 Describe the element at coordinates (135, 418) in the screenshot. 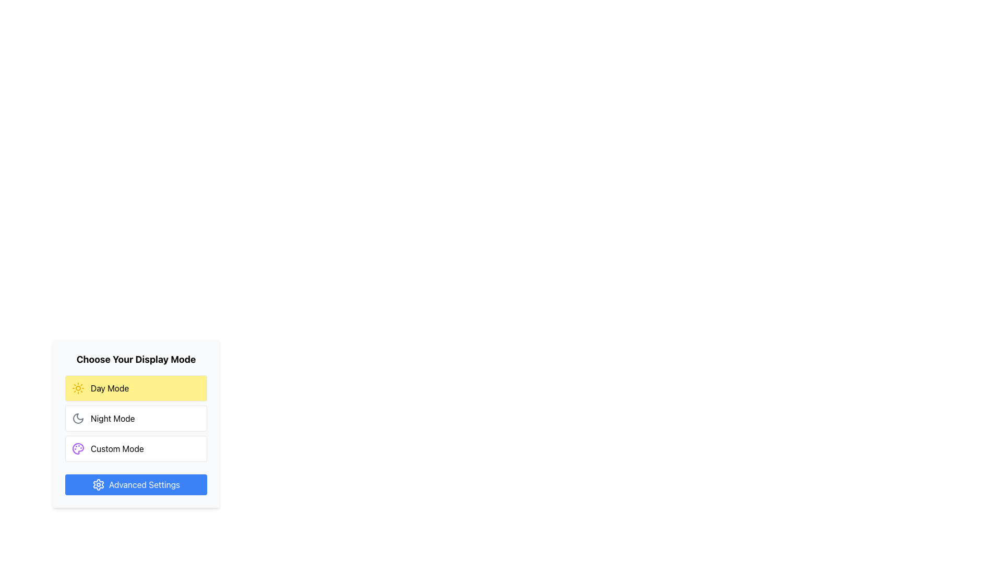

I see `the 'Night Mode' option within the Interactive Group, which is located below the title 'Choose Your Display Mode' and above the 'Advanced Settings' button` at that location.